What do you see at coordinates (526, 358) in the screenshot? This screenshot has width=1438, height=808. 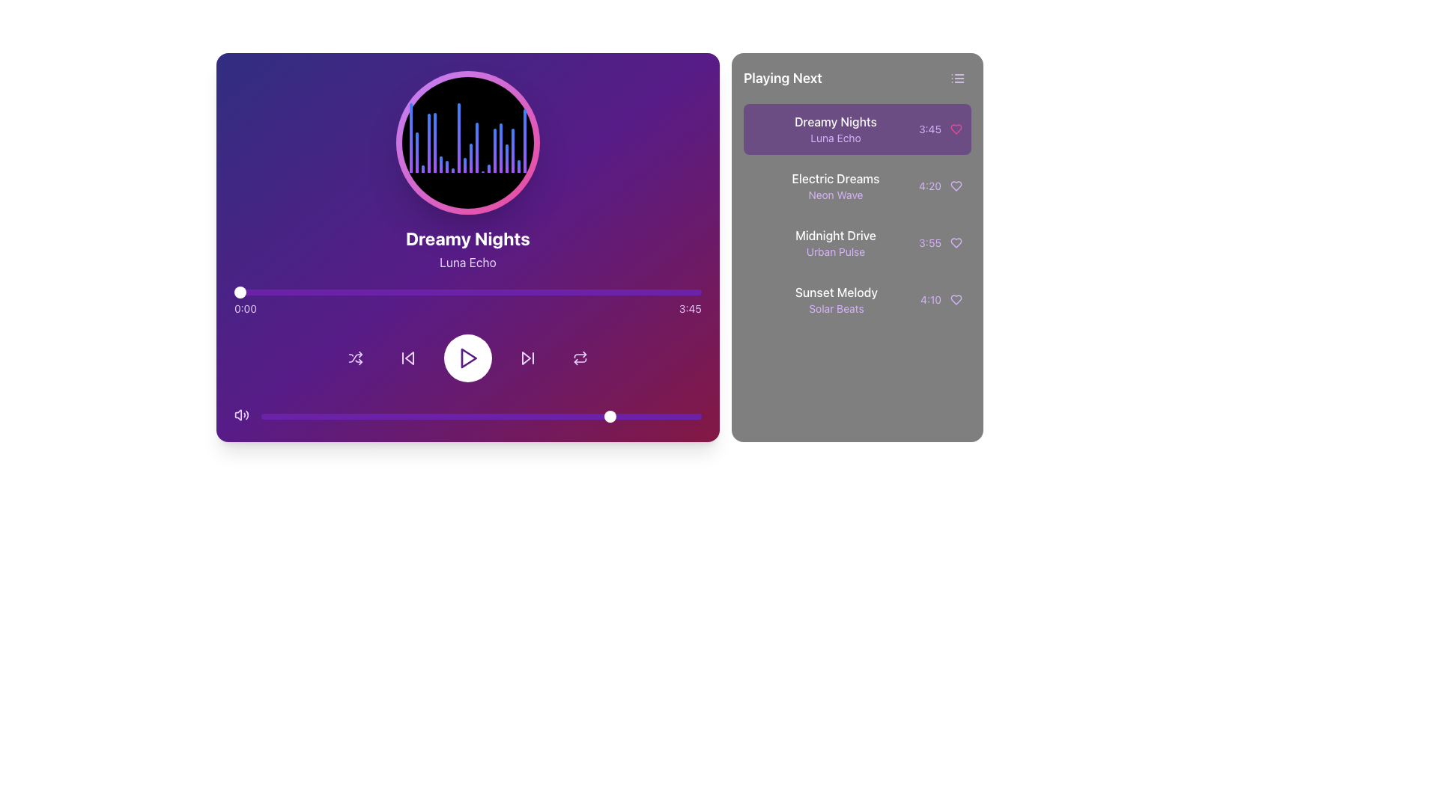 I see `the 'skip forward' button-like icon located within the SVG element to advance to the next track or chapter in the media player interface` at bounding box center [526, 358].